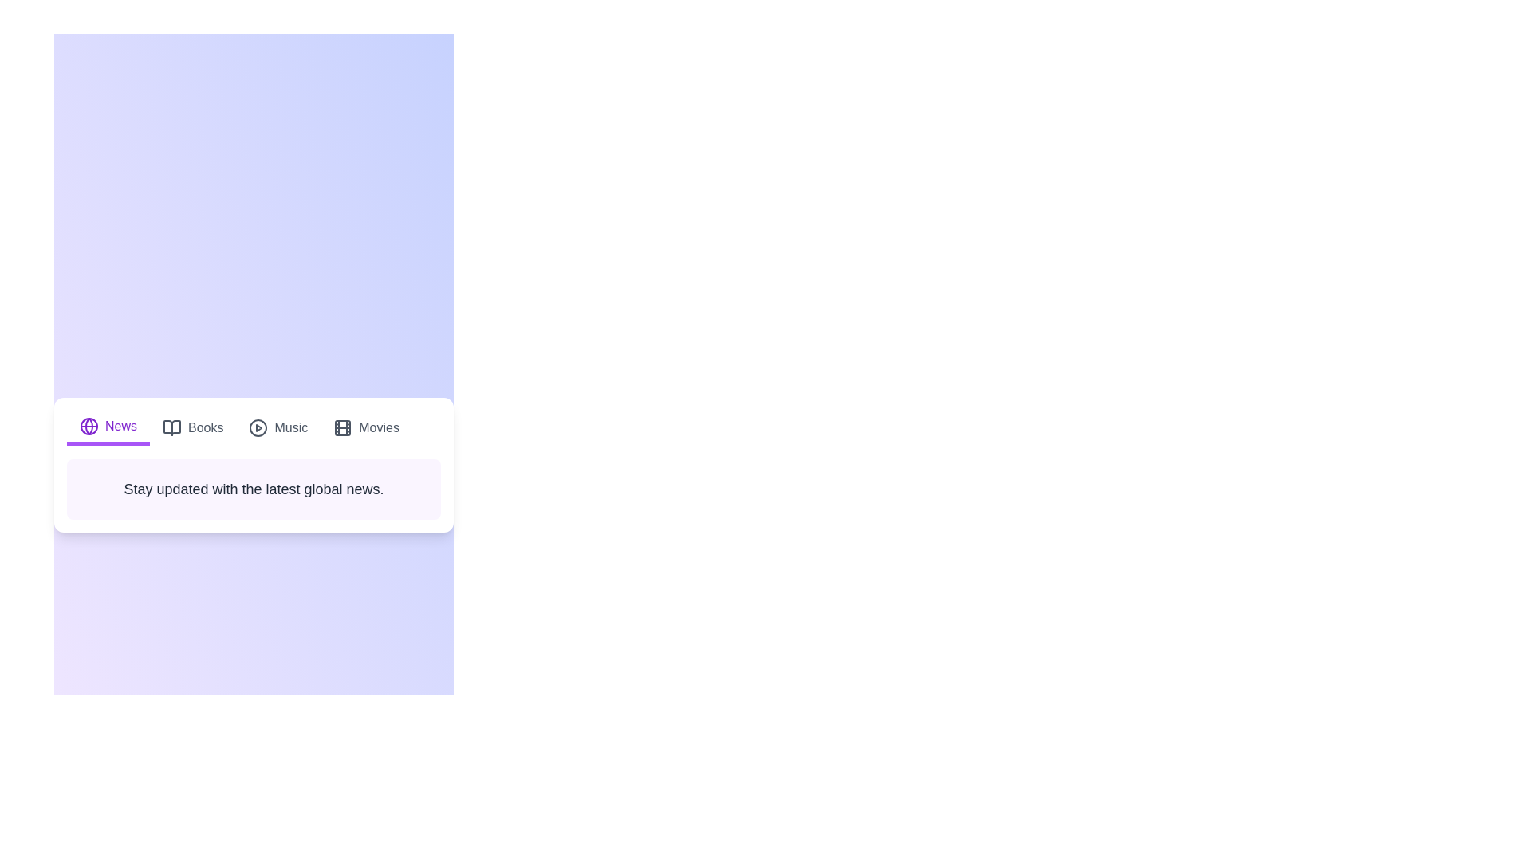  What do you see at coordinates (191, 427) in the screenshot?
I see `the Books tab to view its content` at bounding box center [191, 427].